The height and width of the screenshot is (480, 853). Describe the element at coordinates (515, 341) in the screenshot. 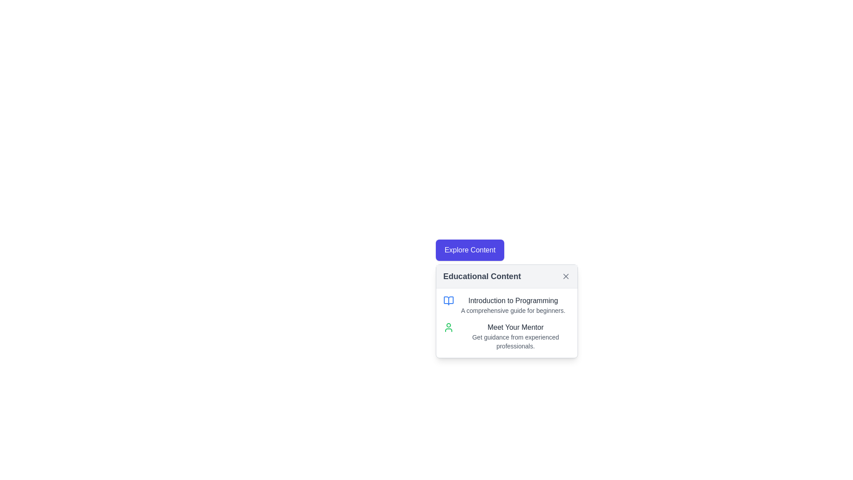

I see `text 'Get guidance from experienced professionals.' which is styled in a smaller, gray-colored font and positioned directly beneath the 'Meet Your Mentor' header within the 'Educational Content' panel` at that location.